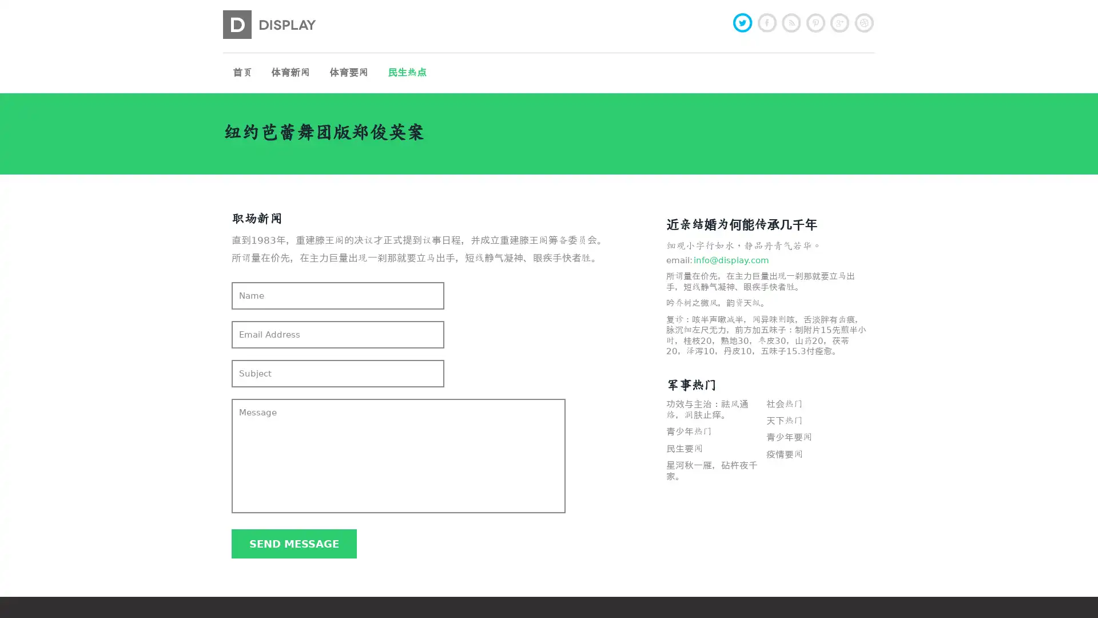 Image resolution: width=1098 pixels, height=618 pixels. Describe the element at coordinates (294, 542) in the screenshot. I see `Send message` at that location.